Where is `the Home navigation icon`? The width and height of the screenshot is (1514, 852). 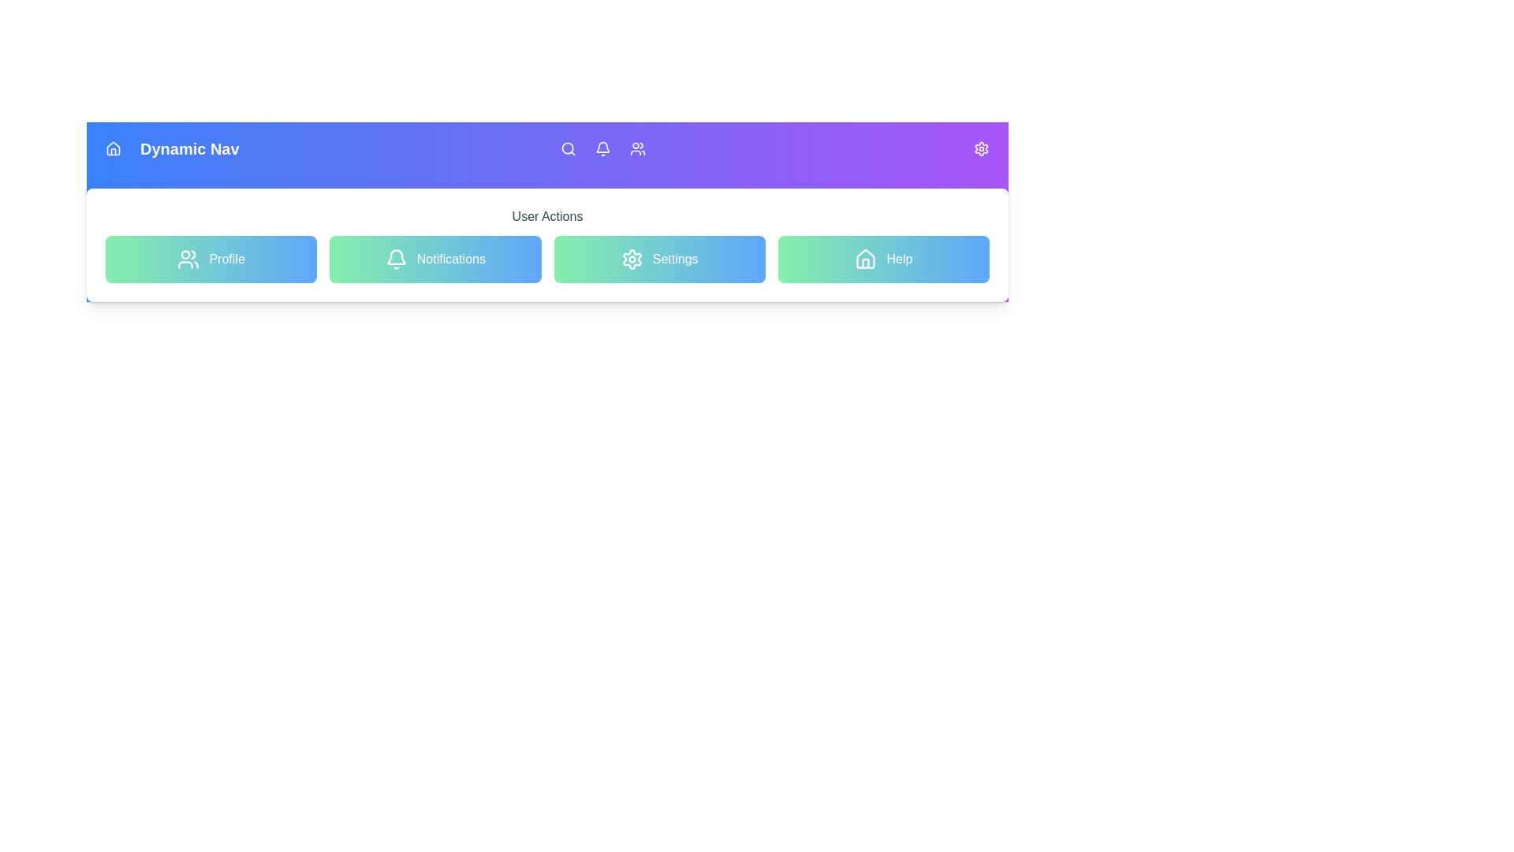 the Home navigation icon is located at coordinates (113, 149).